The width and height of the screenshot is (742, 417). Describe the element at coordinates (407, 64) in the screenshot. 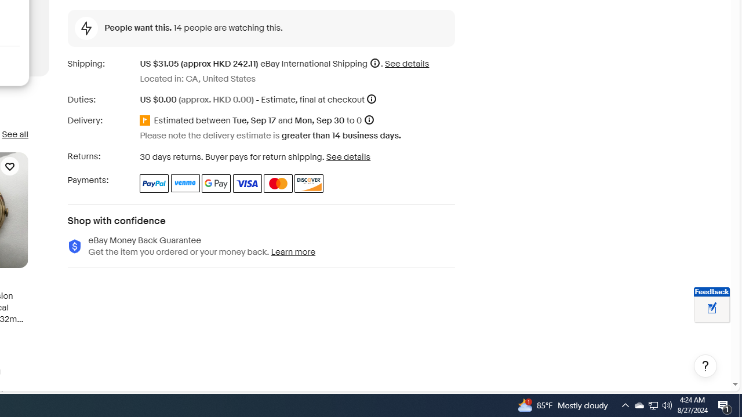

I see `'See details for shipping'` at that location.